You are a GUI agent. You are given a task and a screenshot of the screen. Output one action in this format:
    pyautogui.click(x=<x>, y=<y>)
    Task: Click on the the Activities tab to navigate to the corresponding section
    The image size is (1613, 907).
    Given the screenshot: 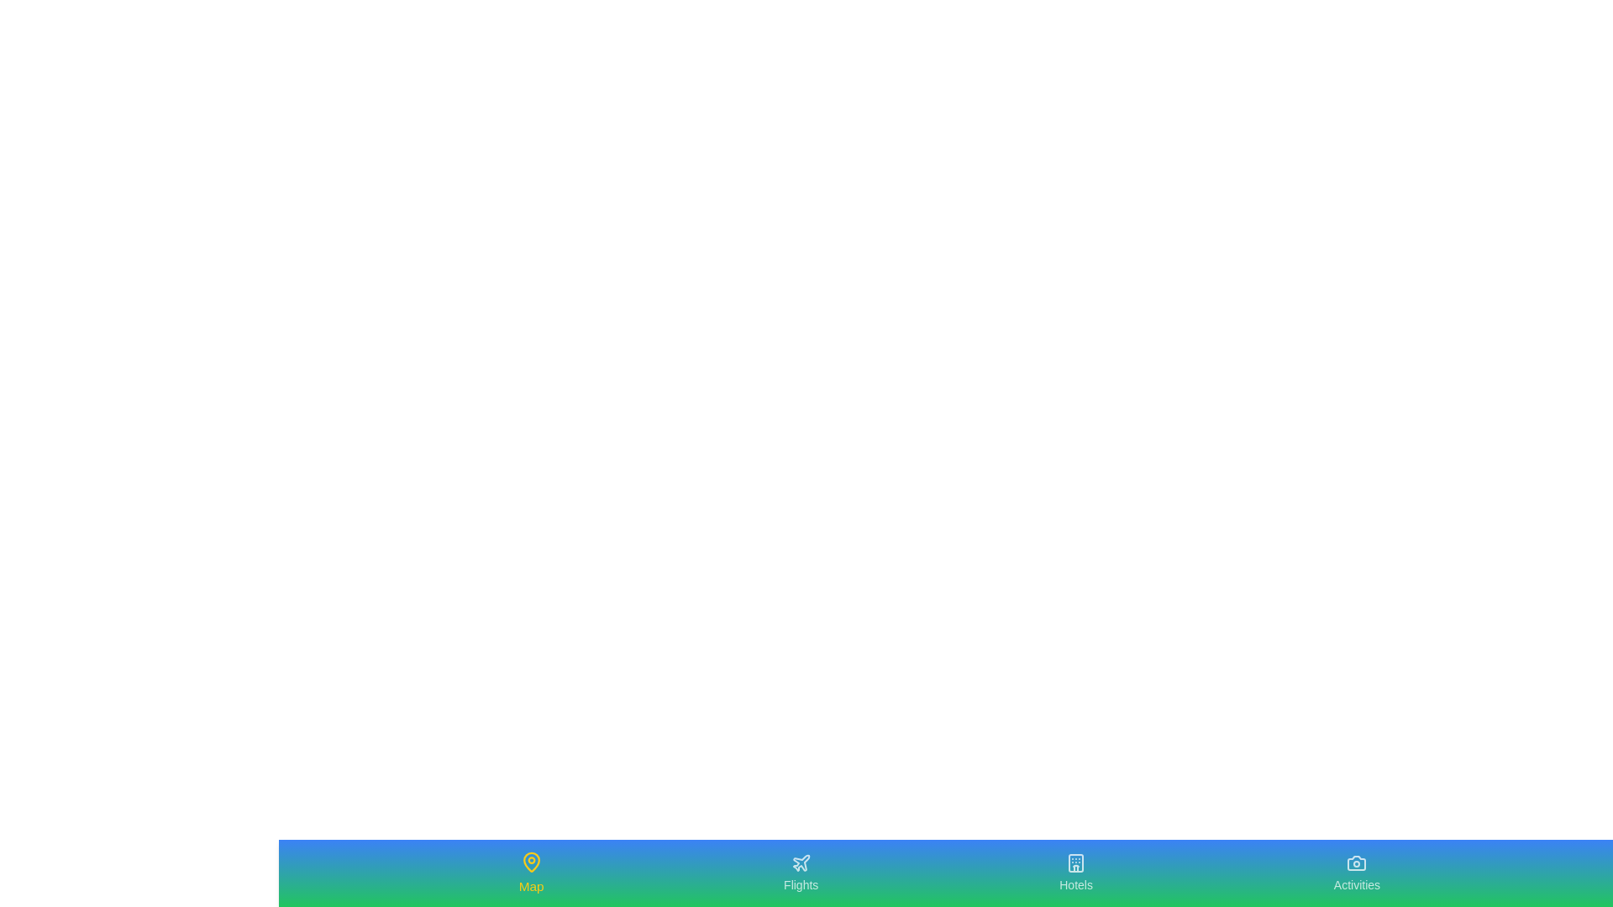 What is the action you would take?
    pyautogui.click(x=1357, y=873)
    